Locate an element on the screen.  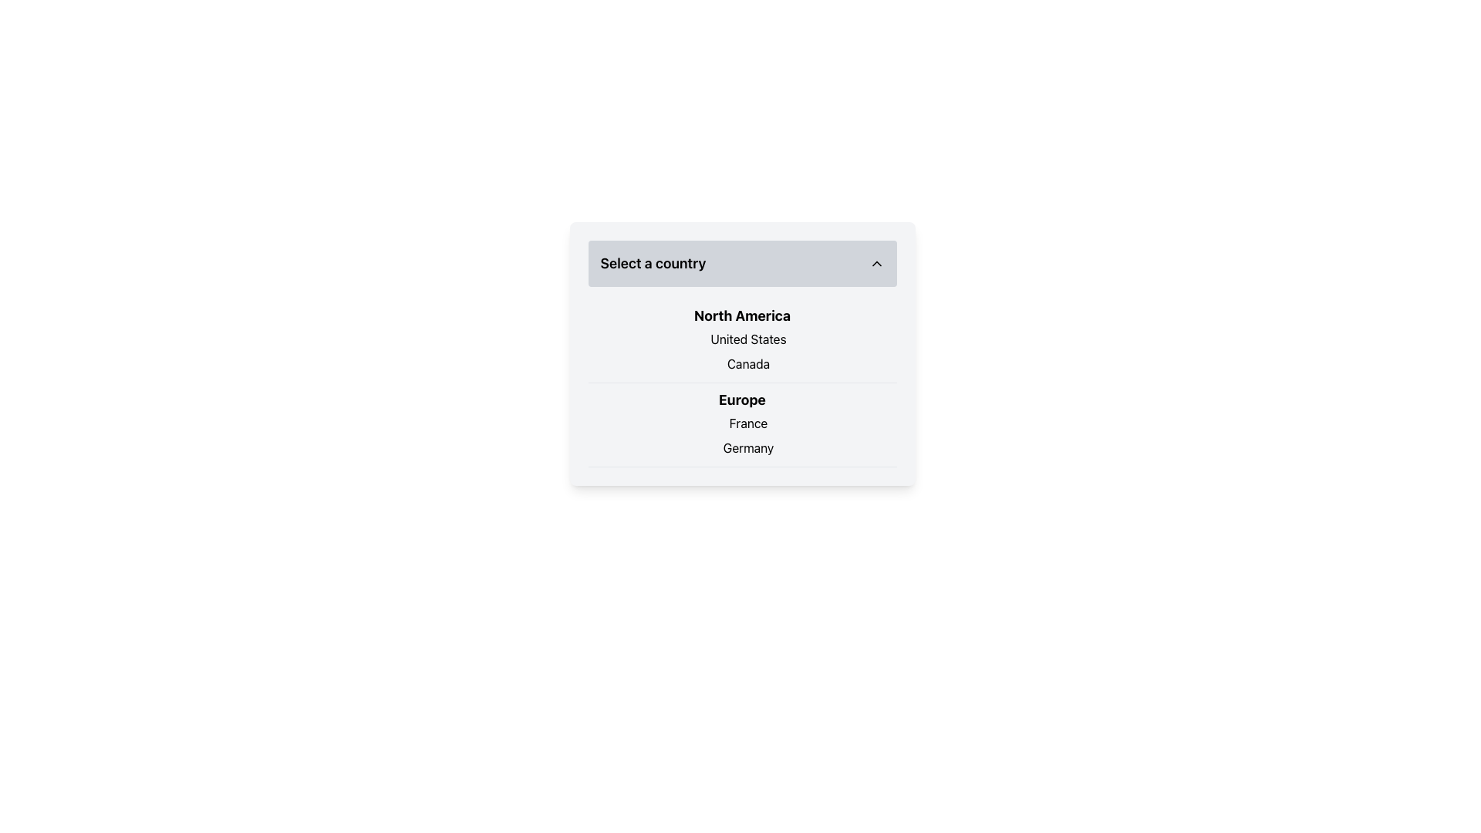
the list item labeled 'United States' is located at coordinates (742, 338).